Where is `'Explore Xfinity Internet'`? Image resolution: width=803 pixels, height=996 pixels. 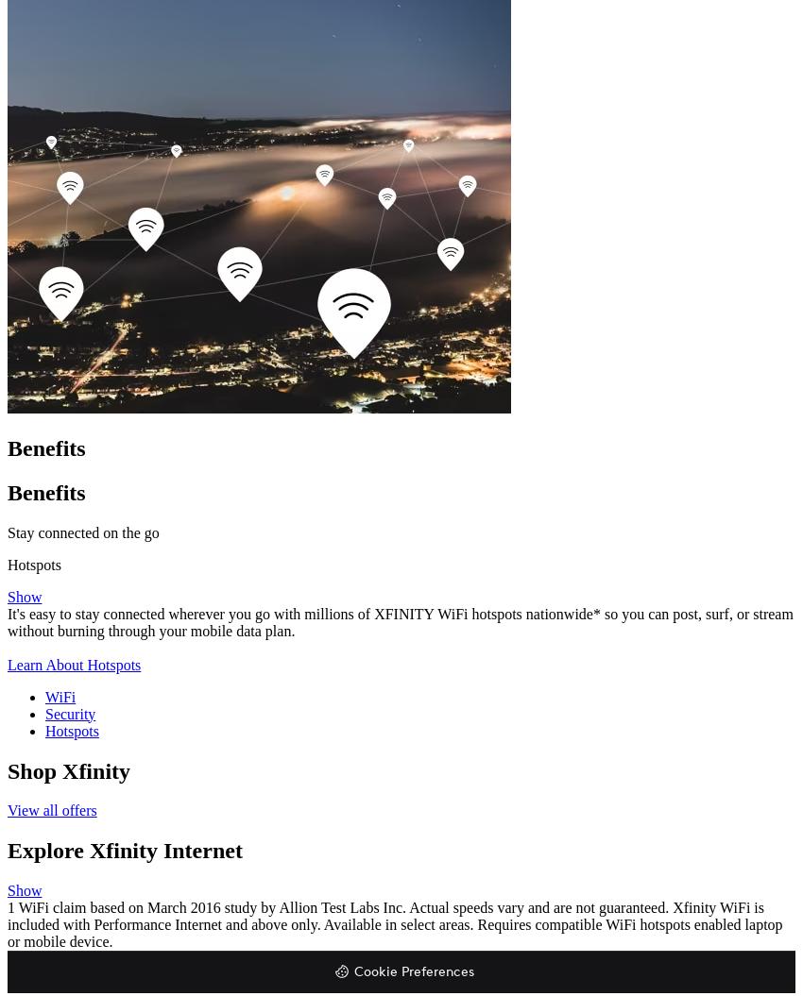 'Explore Xfinity Internet' is located at coordinates (125, 849).